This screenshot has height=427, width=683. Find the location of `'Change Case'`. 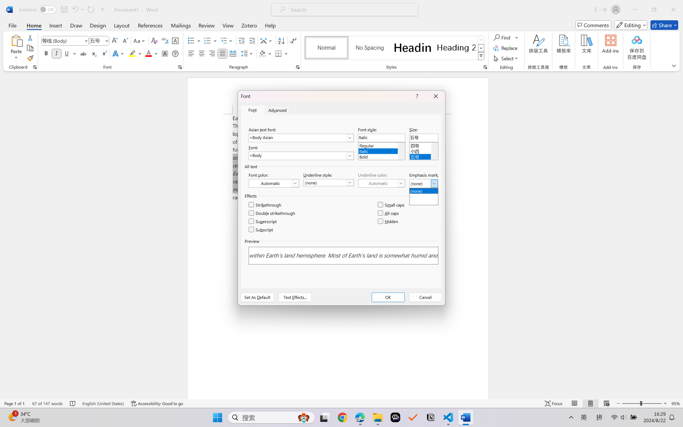

'Change Case' is located at coordinates (139, 41).